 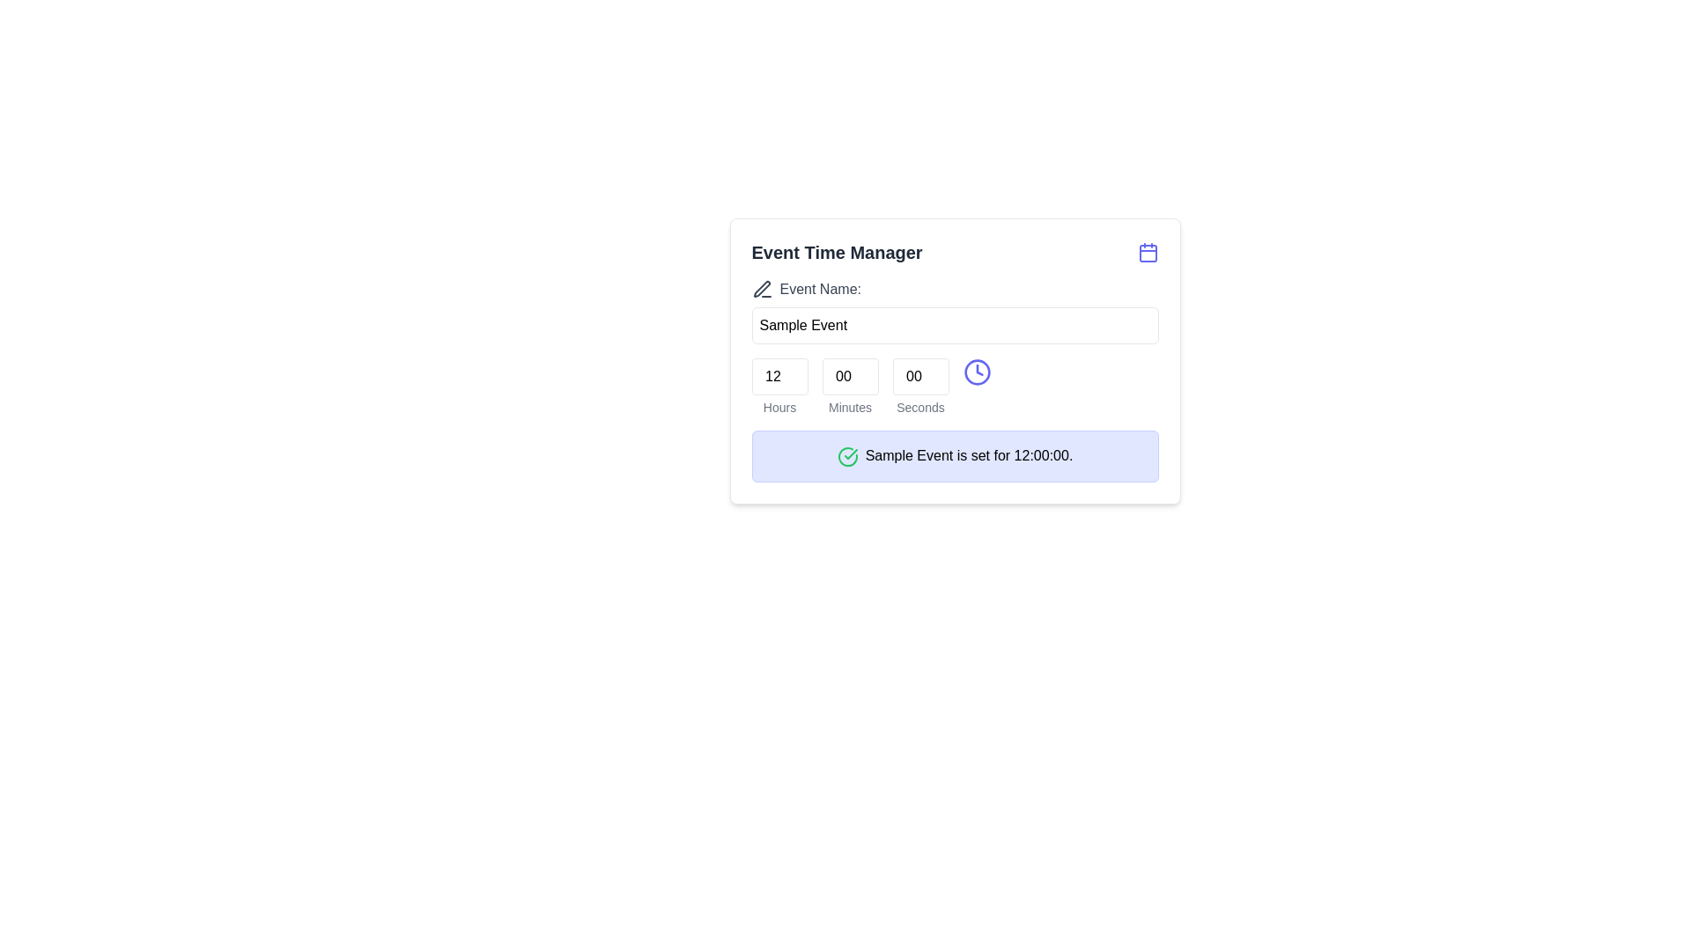 I want to click on the central circular part of the SVG clock icon, which visually represents the clock's circular border and is positioned to the right of the time input fields, so click(x=976, y=372).